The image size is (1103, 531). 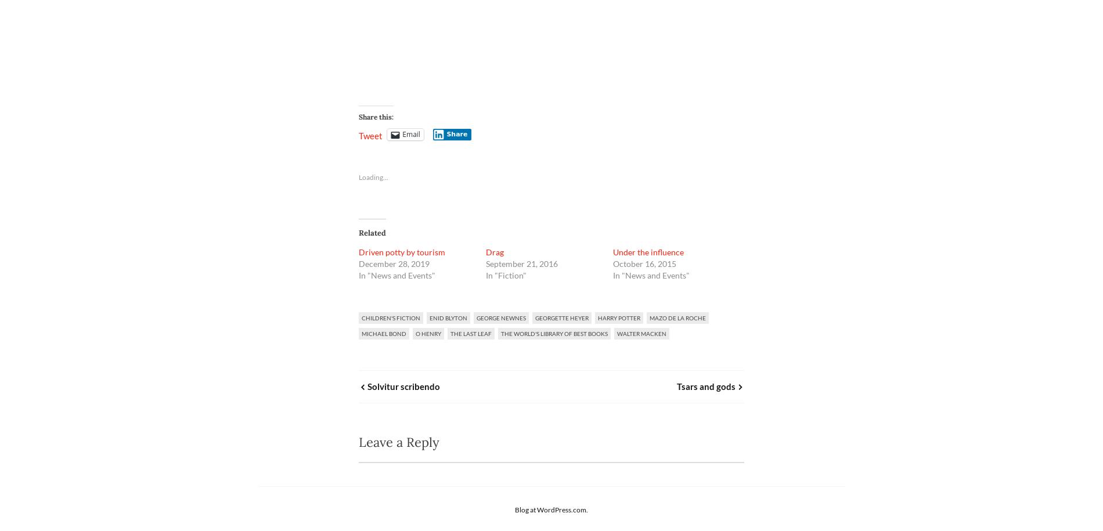 I want to click on 'Share', so click(x=445, y=133).